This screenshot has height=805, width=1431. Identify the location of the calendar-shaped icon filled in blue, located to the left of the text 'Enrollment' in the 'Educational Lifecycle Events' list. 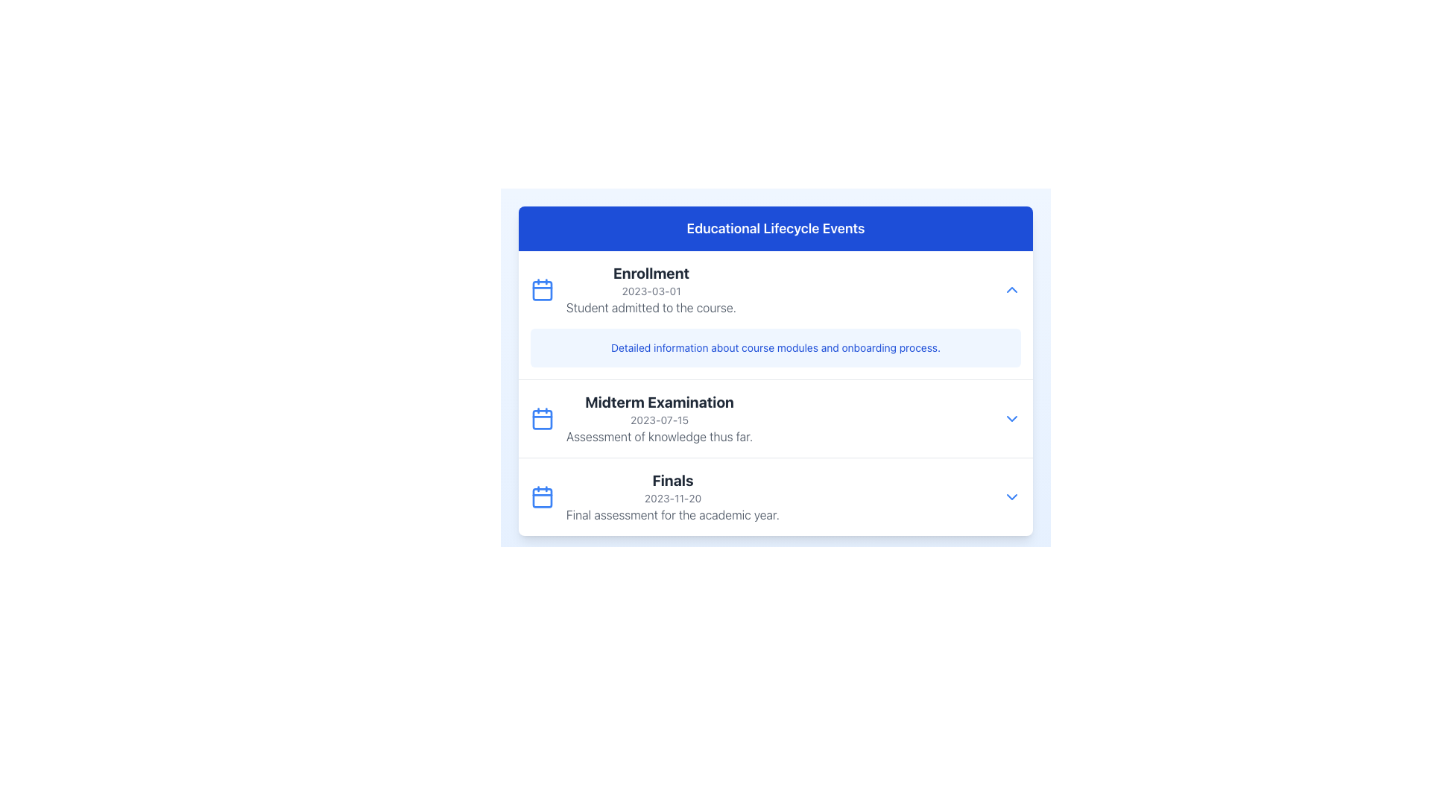
(542, 290).